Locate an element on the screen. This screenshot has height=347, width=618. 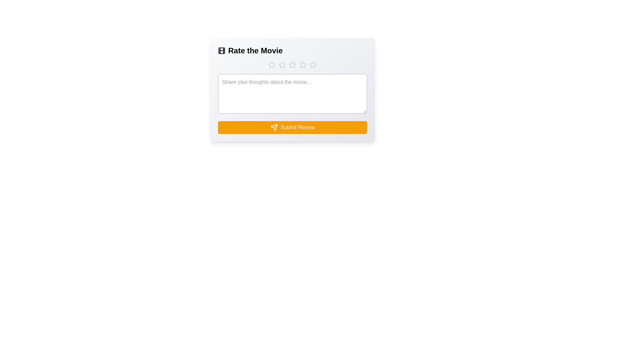
the movie rating to 1 stars by clicking on the corresponding star is located at coordinates (272, 65).